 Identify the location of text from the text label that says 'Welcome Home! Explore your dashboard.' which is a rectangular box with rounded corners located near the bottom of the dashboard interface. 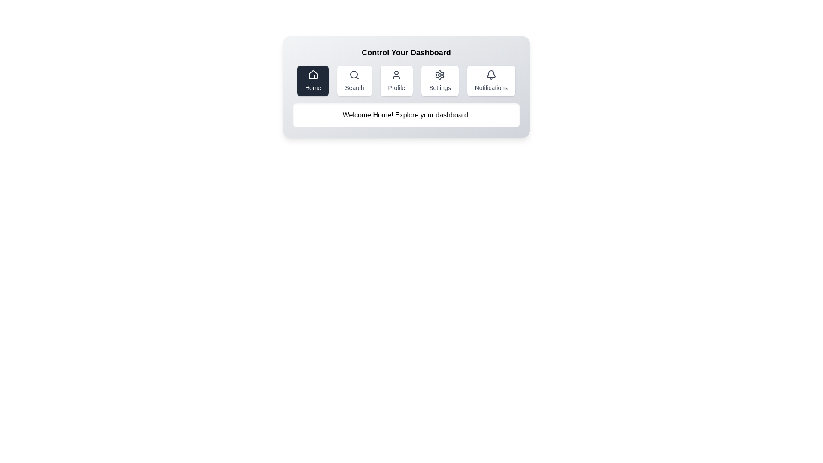
(406, 115).